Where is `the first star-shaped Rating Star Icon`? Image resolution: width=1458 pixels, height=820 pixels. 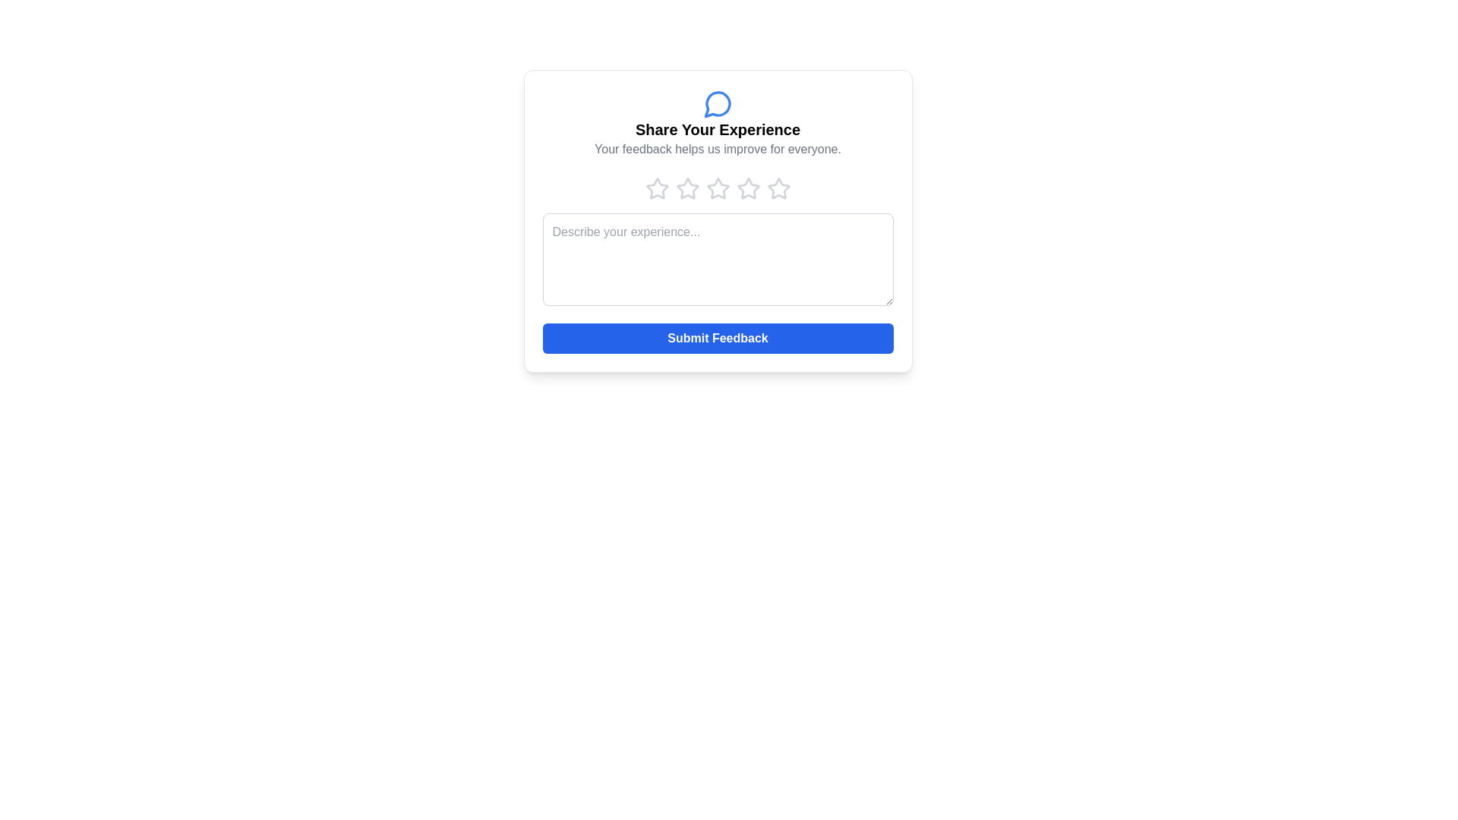
the first star-shaped Rating Star Icon is located at coordinates (657, 188).